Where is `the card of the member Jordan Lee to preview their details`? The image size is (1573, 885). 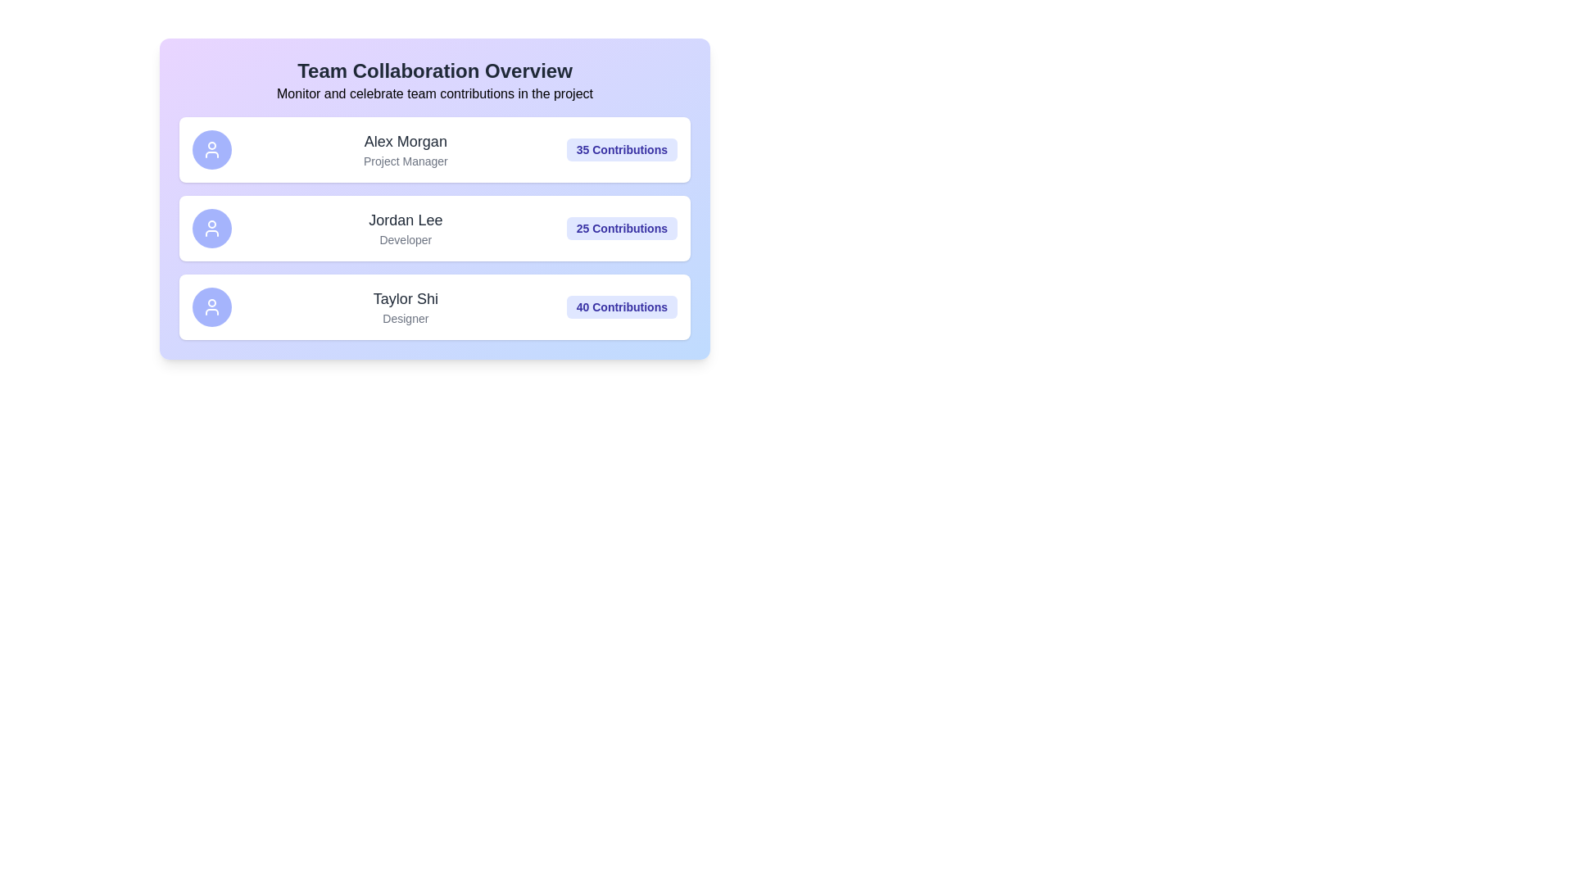 the card of the member Jordan Lee to preview their details is located at coordinates (435, 228).